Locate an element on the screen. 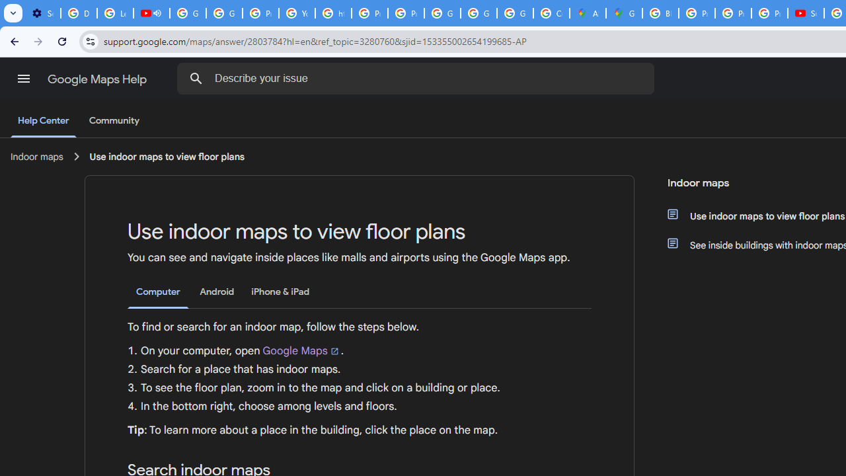 The width and height of the screenshot is (846, 476). 'Privacy Help Center - Policies Help' is located at coordinates (696, 13).